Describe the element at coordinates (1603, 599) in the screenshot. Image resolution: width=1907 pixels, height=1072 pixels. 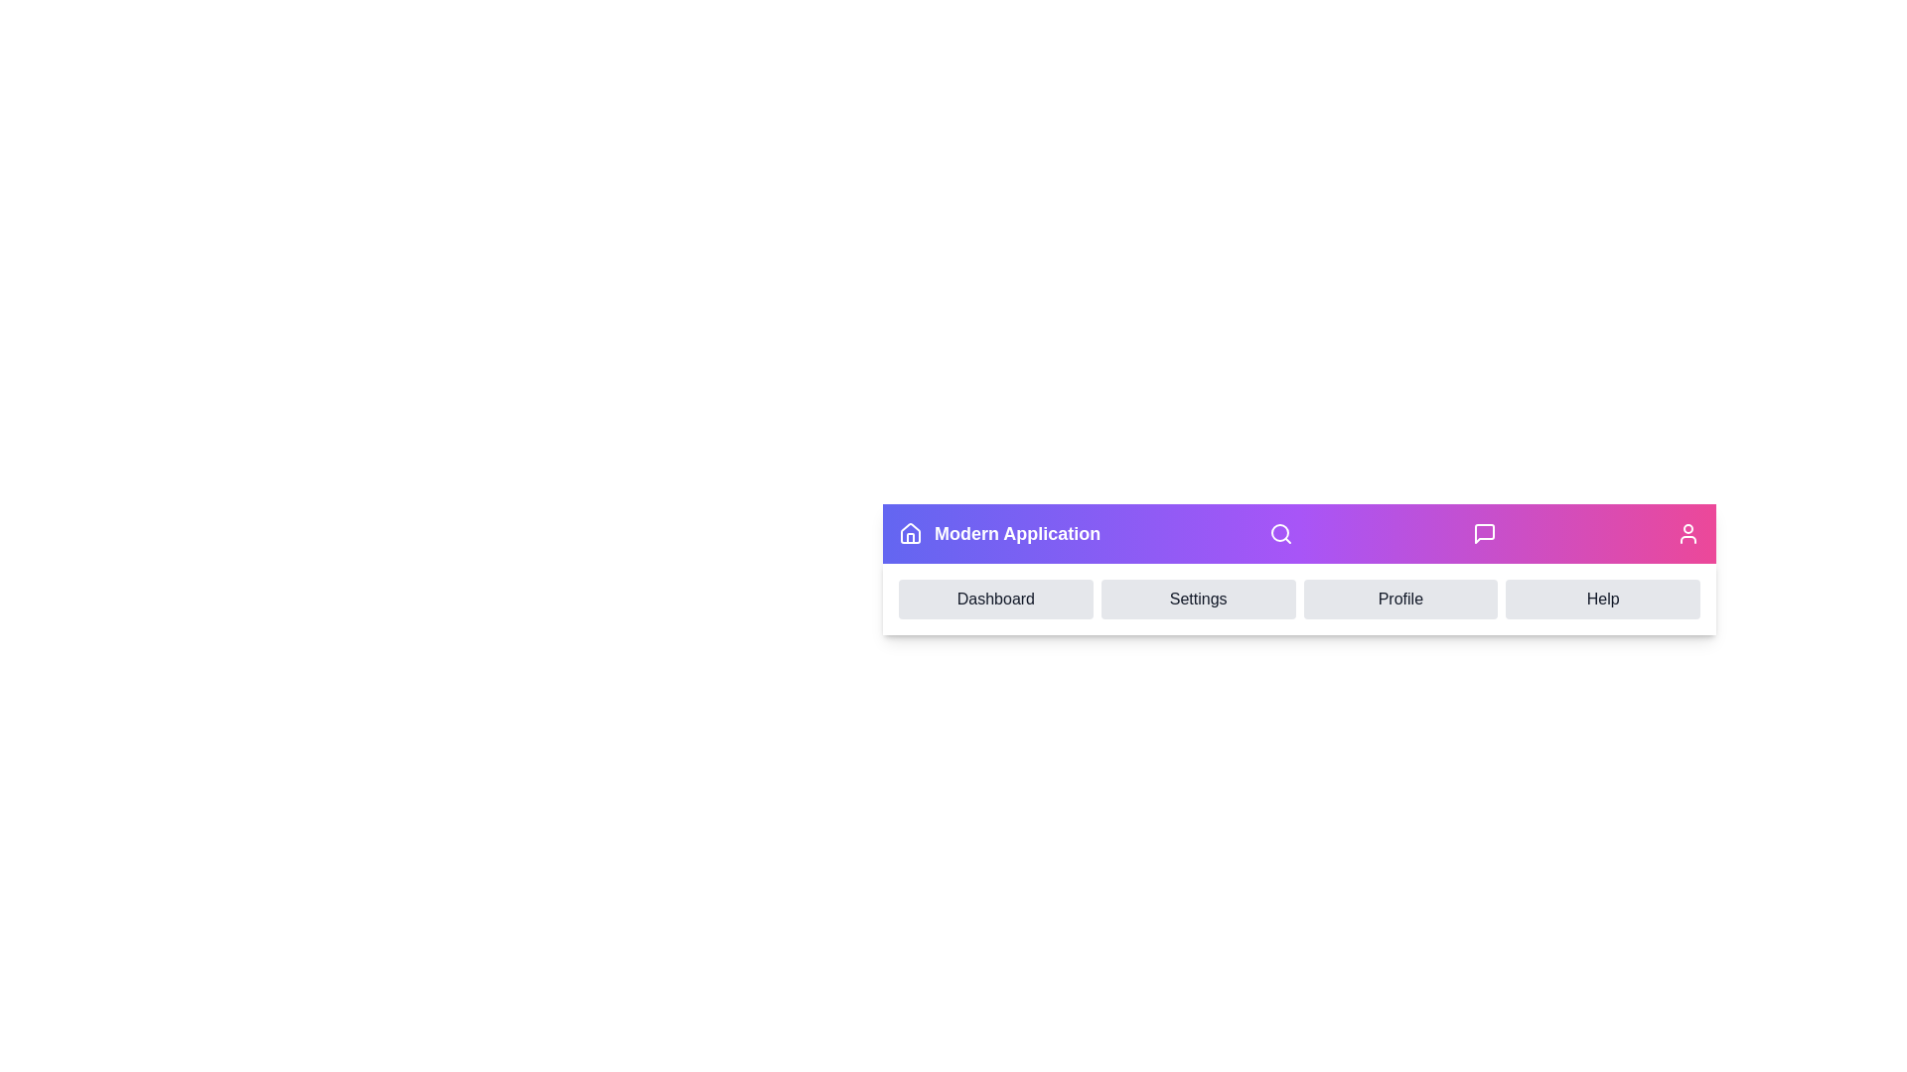
I see `the menu item Help to observe its hover effect` at that location.